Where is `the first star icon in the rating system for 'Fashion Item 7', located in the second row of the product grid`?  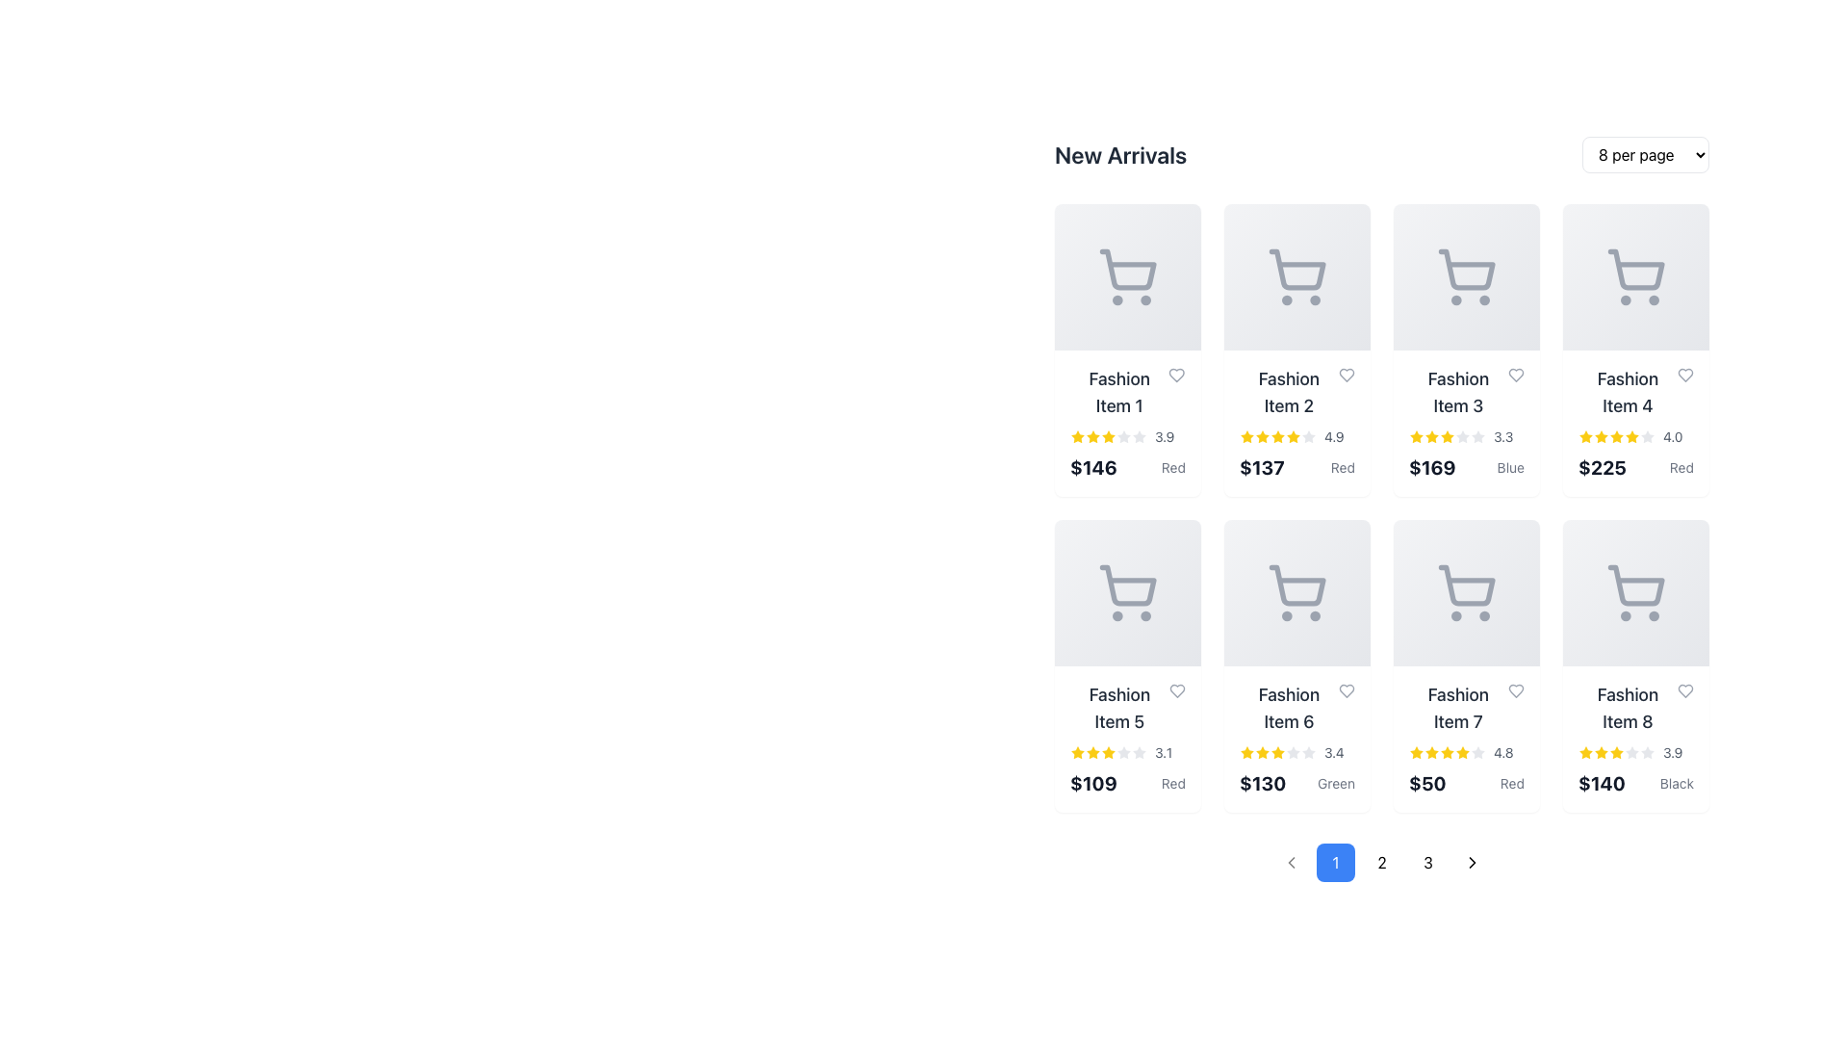
the first star icon in the rating system for 'Fashion Item 7', located in the second row of the product grid is located at coordinates (1417, 752).